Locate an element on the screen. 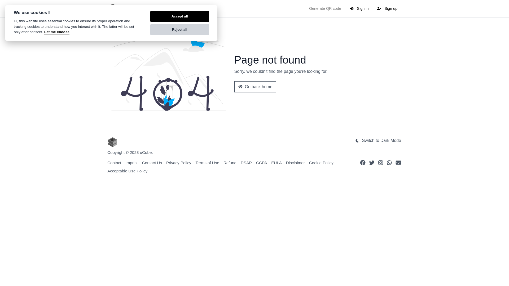 Image resolution: width=509 pixels, height=286 pixels. 'Imprint' is located at coordinates (131, 162).